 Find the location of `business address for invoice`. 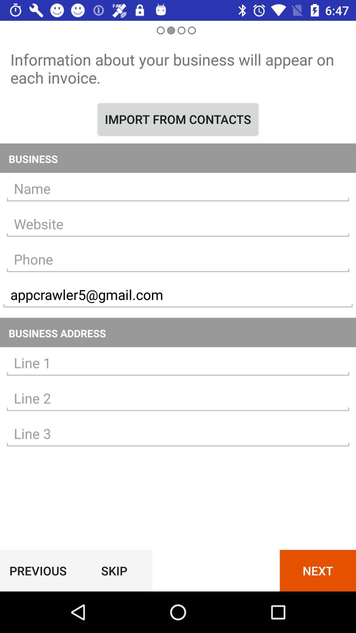

business address for invoice is located at coordinates (178, 363).